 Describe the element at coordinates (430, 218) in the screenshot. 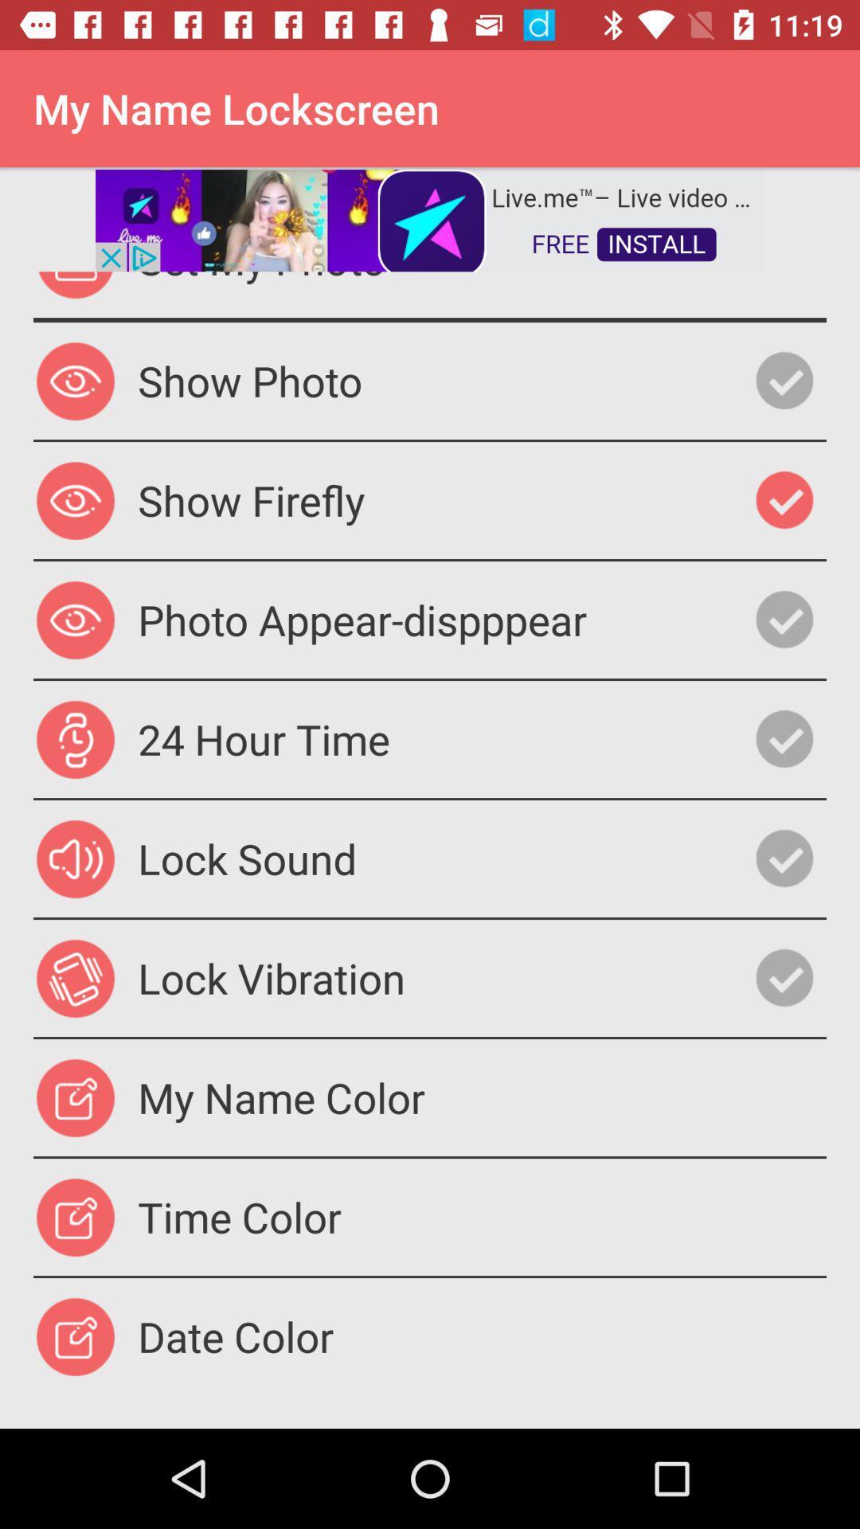

I see `advertisement` at that location.